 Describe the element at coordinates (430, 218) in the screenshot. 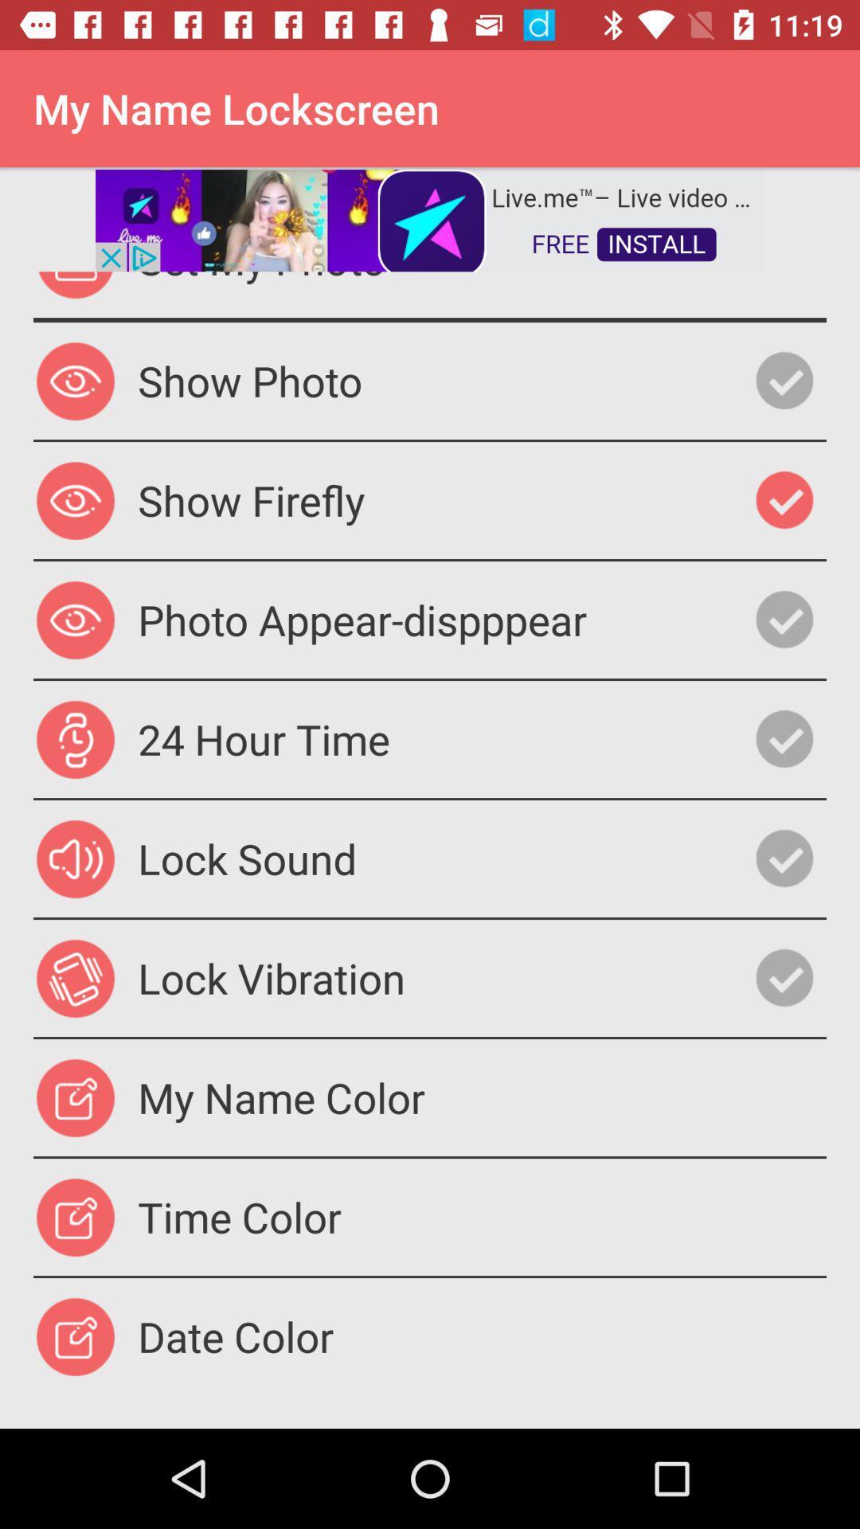

I see `advertisement` at that location.